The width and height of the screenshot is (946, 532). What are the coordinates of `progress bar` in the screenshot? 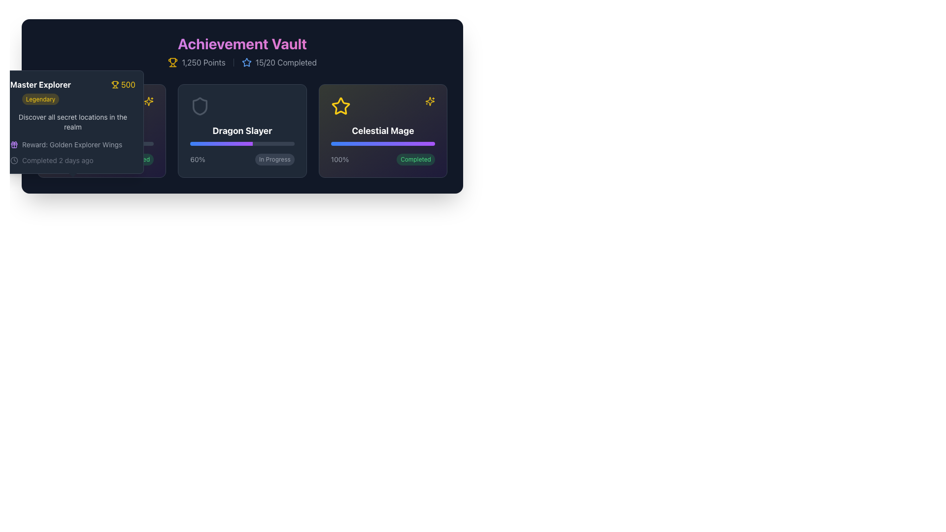 It's located at (220, 144).